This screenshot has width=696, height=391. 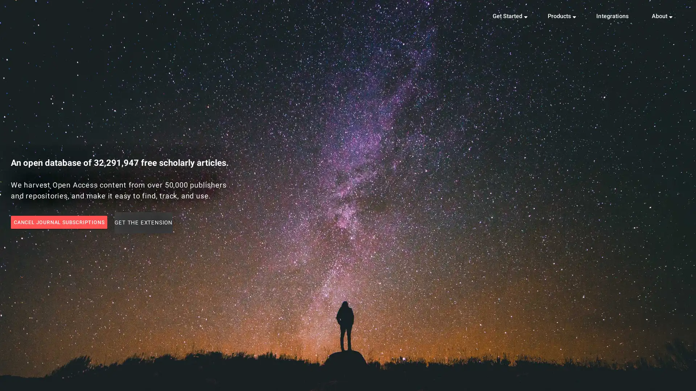 What do you see at coordinates (662, 16) in the screenshot?
I see `About` at bounding box center [662, 16].